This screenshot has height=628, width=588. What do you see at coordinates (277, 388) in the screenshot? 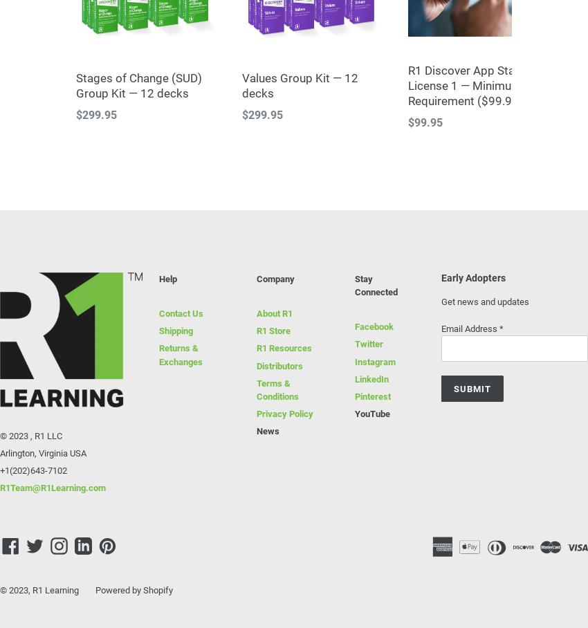
I see `'Terms & Conditions'` at bounding box center [277, 388].